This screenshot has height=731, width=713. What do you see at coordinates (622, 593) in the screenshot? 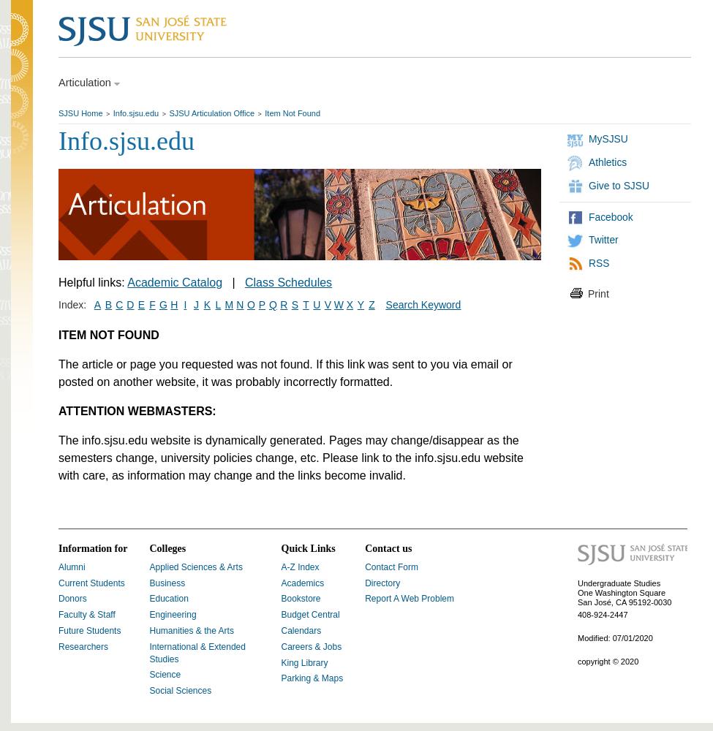
I see `'One Washington Square'` at bounding box center [622, 593].